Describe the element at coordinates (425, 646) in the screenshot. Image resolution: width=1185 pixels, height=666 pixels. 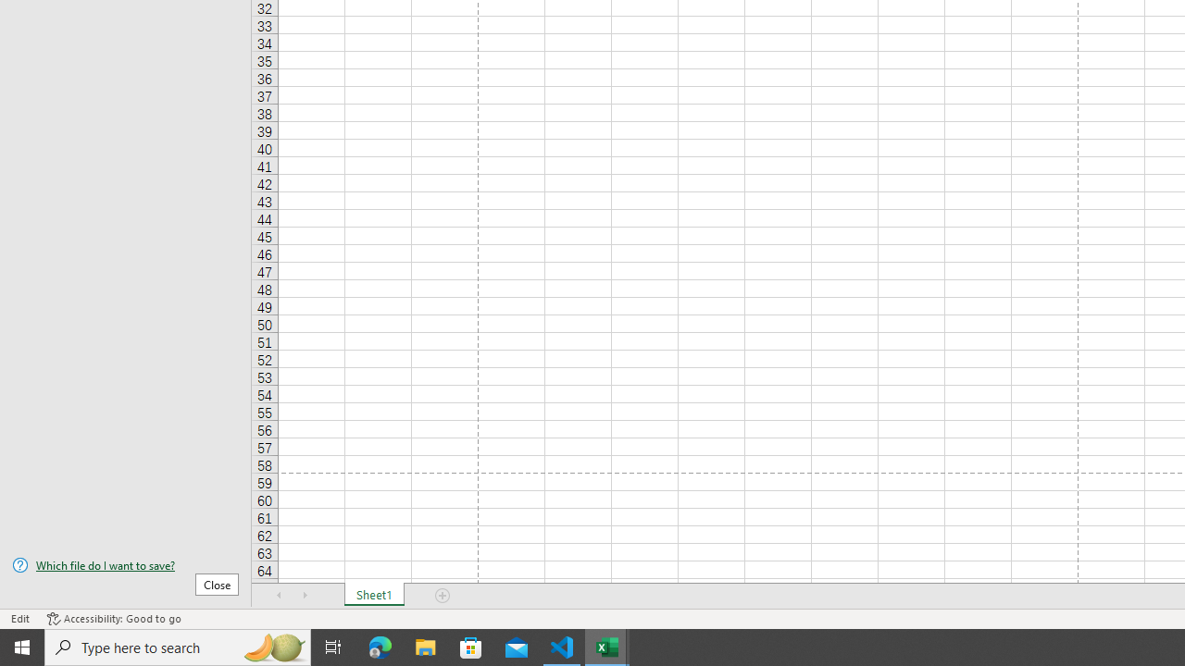
I see `'File Explorer'` at that location.